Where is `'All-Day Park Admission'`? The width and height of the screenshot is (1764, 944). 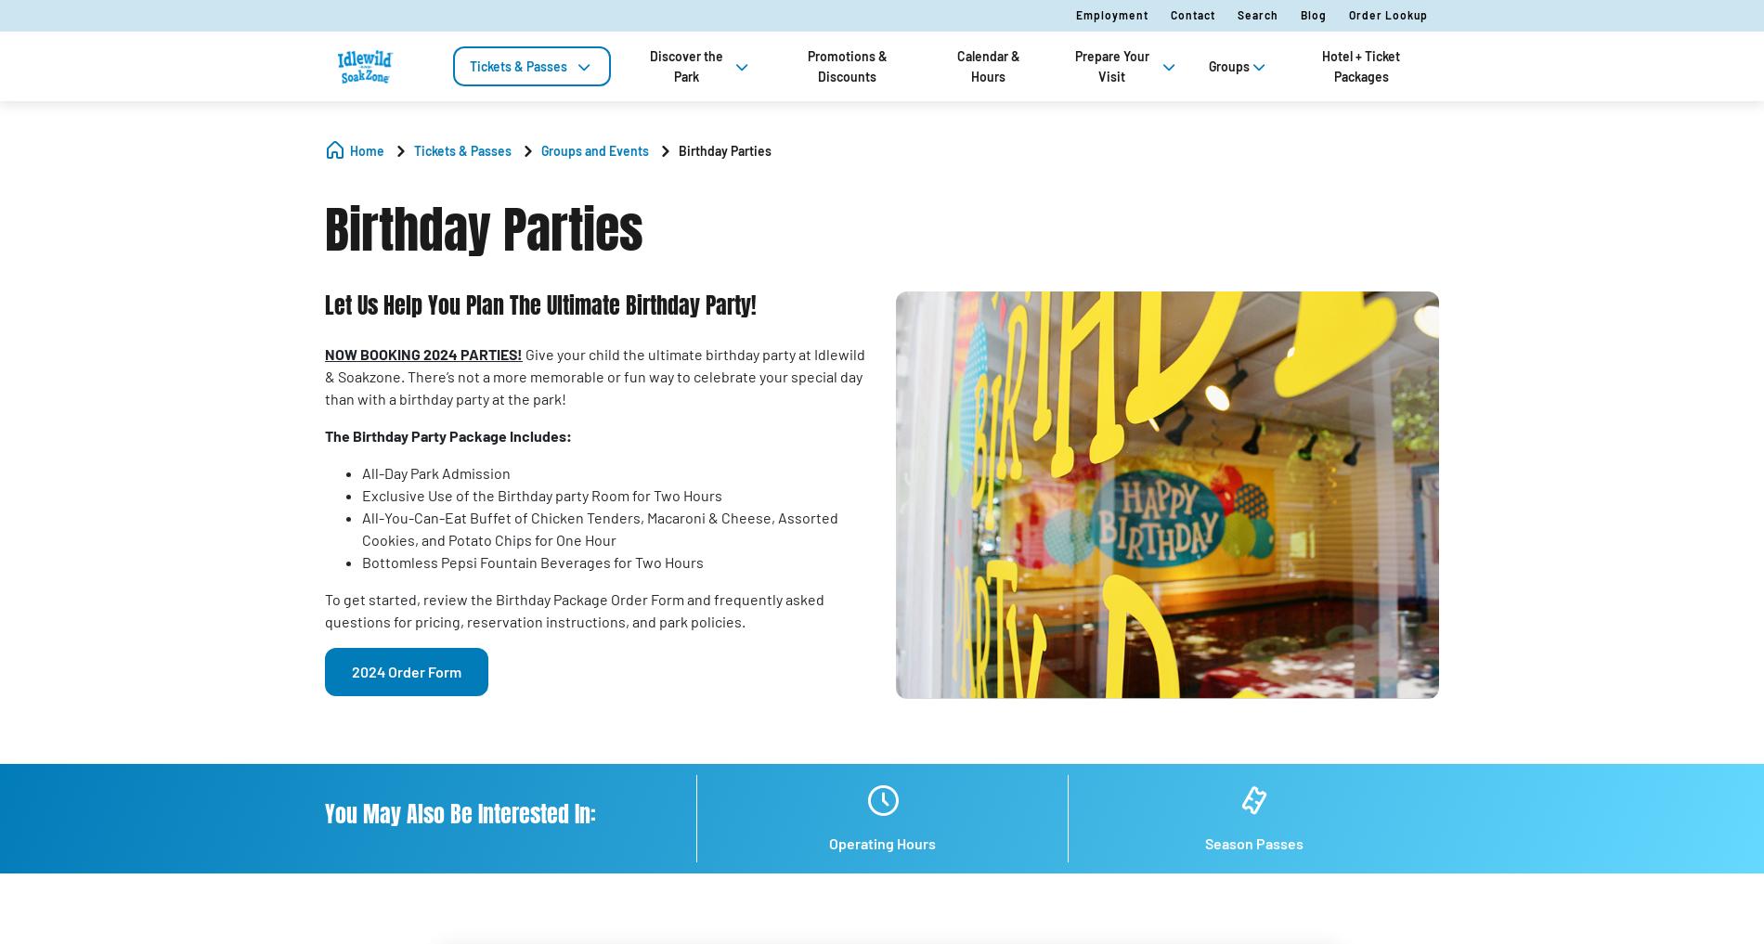
'All-Day Park Admission' is located at coordinates (435, 471).